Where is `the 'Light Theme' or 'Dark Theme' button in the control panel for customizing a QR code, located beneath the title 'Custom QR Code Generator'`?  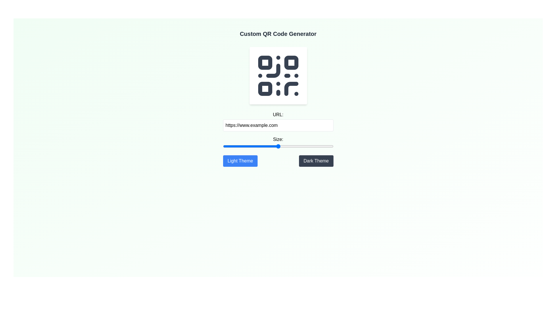
the 'Light Theme' or 'Dark Theme' button in the control panel for customizing a QR code, located beneath the title 'Custom QR Code Generator' is located at coordinates (278, 139).